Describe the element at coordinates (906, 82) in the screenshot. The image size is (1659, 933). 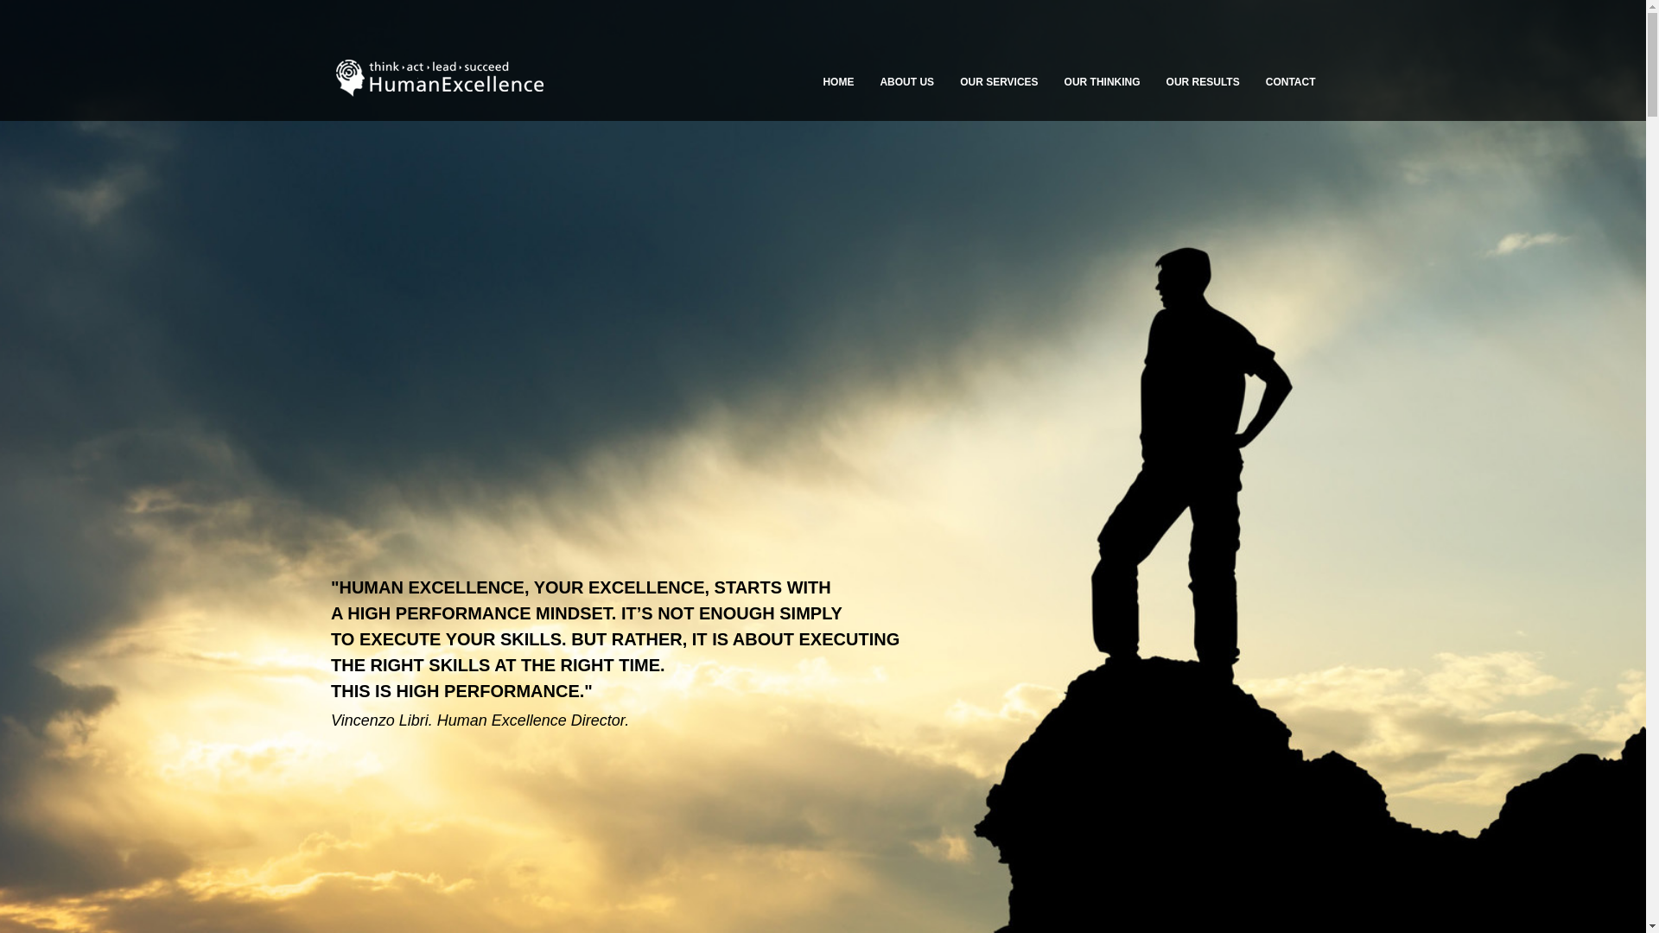
I see `'ABOUT US'` at that location.